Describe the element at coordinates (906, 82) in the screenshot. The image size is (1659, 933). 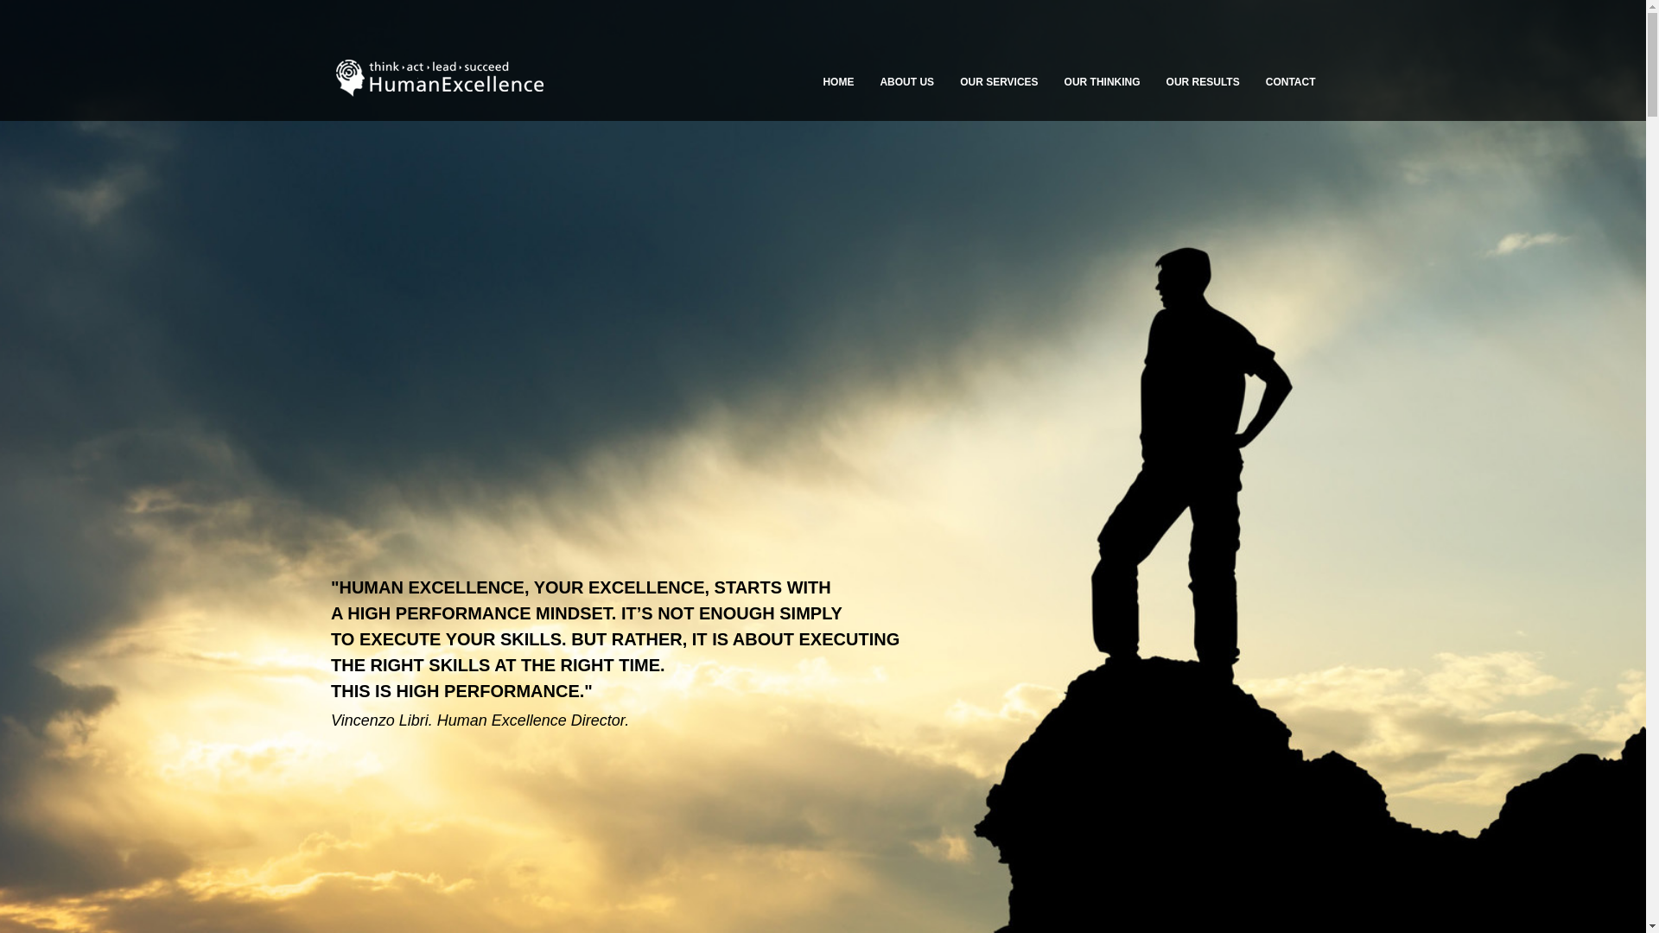
I see `'ABOUT US'` at that location.